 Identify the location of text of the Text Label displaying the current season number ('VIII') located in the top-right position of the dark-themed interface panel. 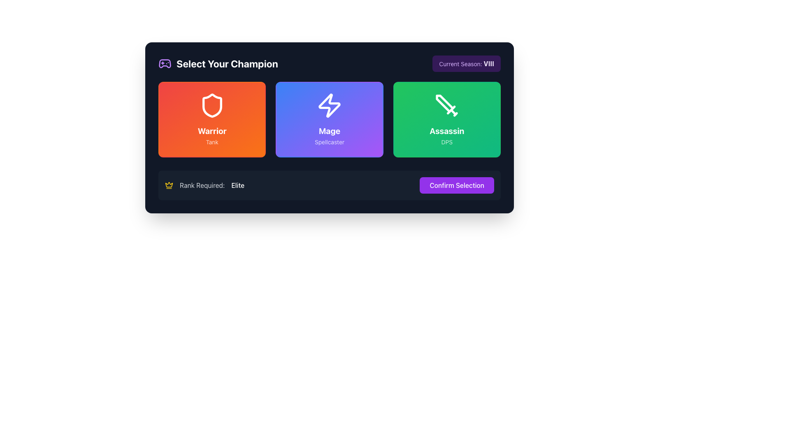
(467, 63).